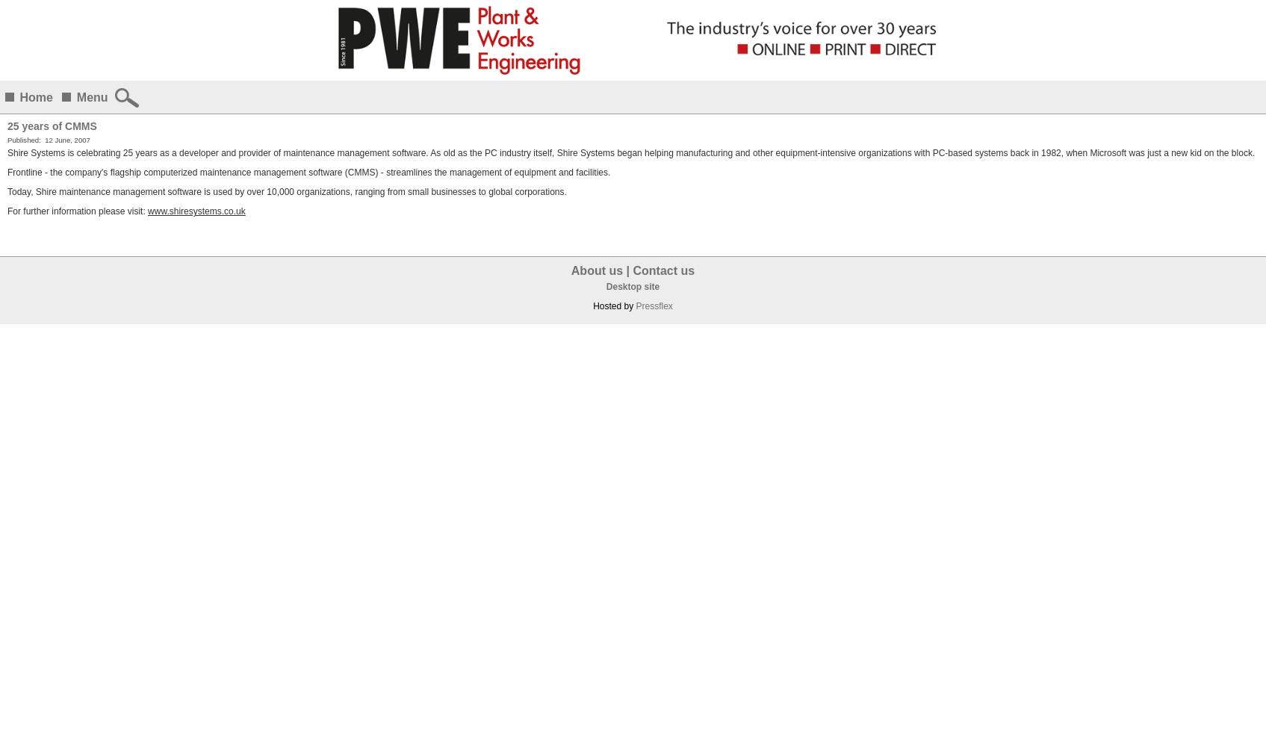  What do you see at coordinates (597, 270) in the screenshot?
I see `'About us'` at bounding box center [597, 270].